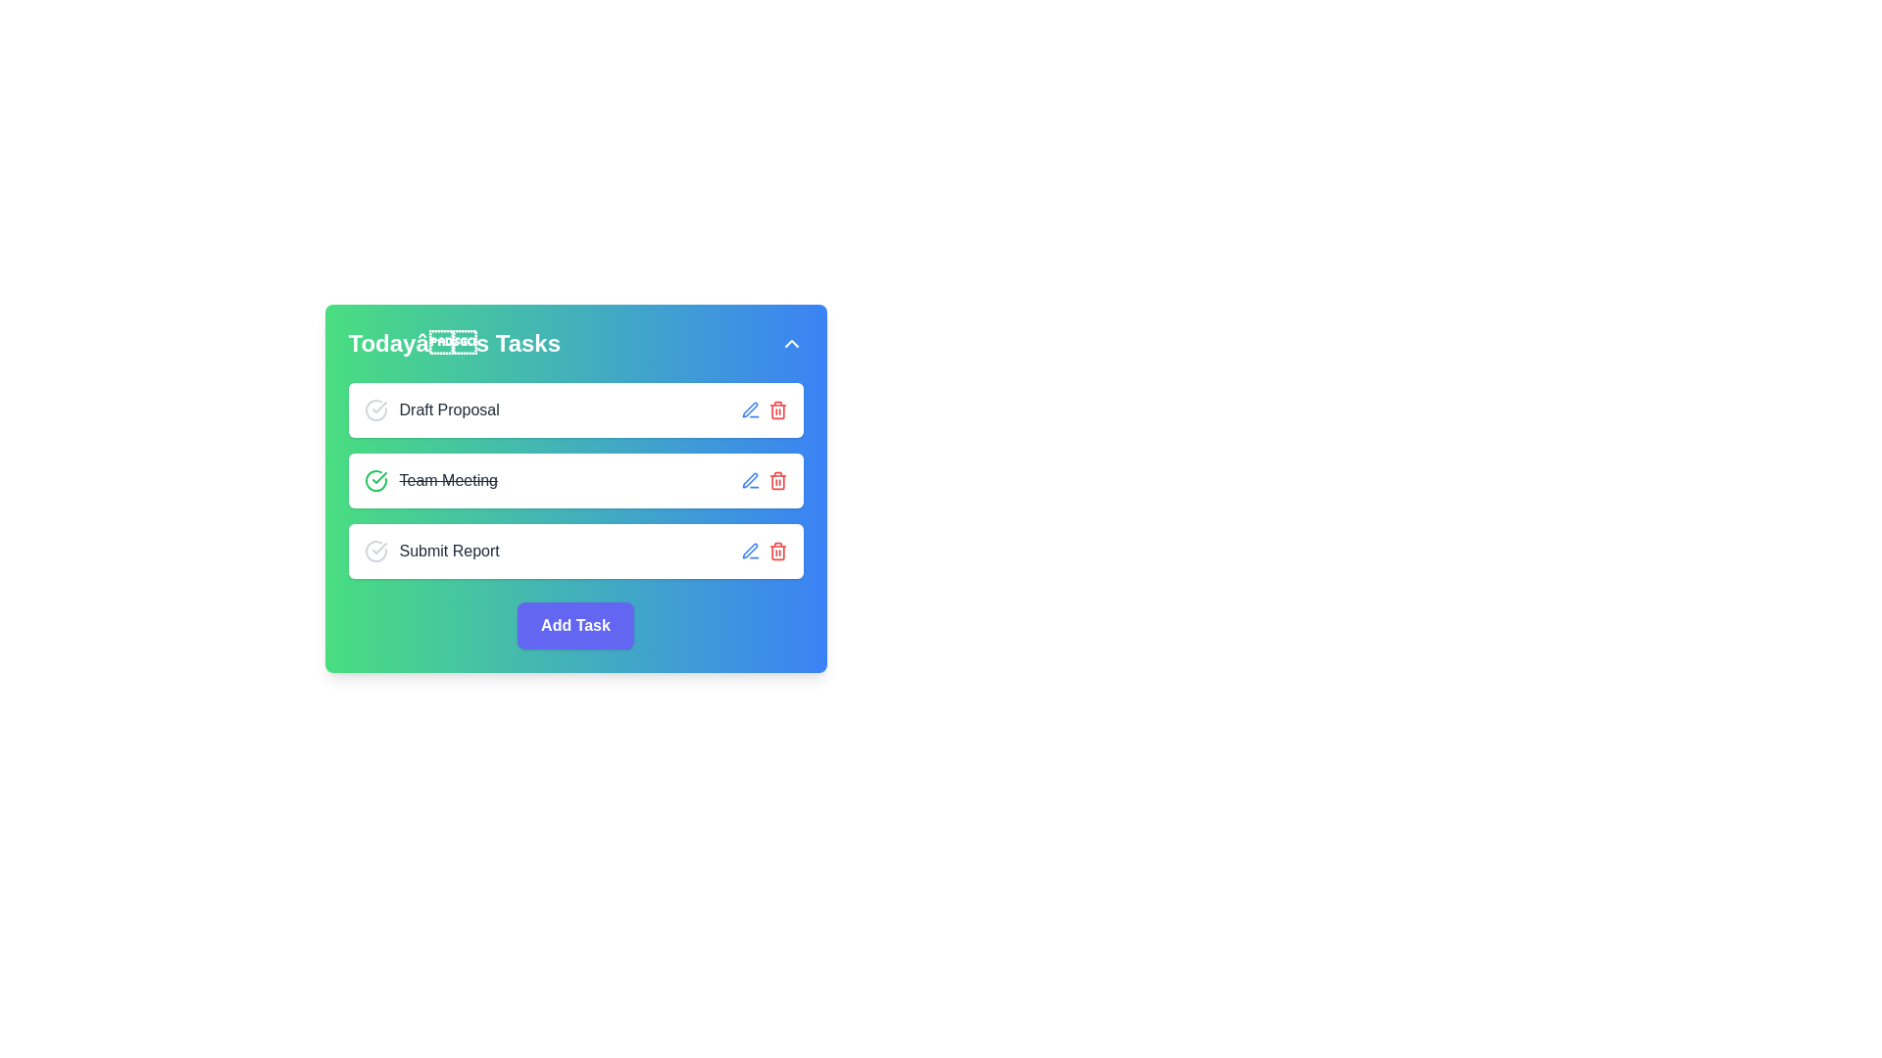  I want to click on the bold text label reading 'Today’s Tasks', which is positioned at the top-left corner of the card interface, adjacent to a chevron up icon, so click(453, 343).